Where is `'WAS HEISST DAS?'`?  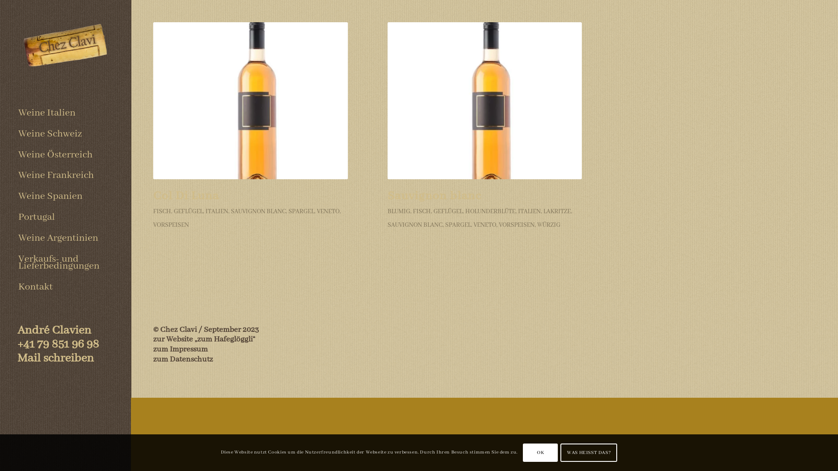
'WAS HEISST DAS?' is located at coordinates (560, 452).